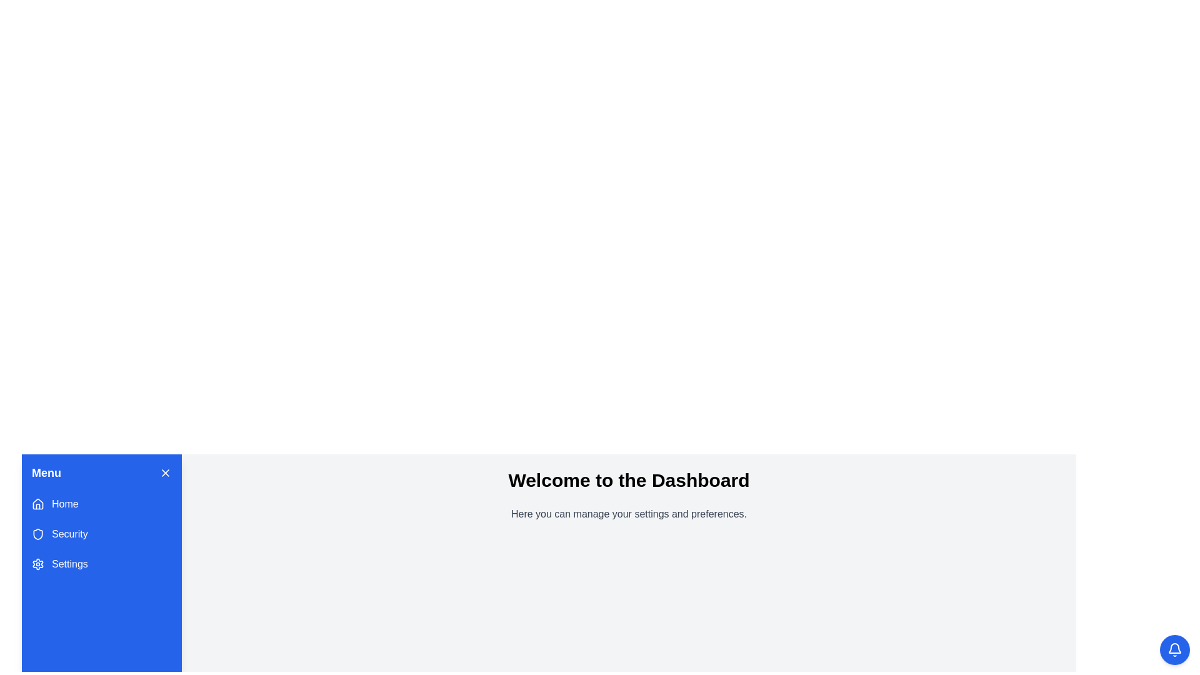 The height and width of the screenshot is (675, 1200). Describe the element at coordinates (629, 479) in the screenshot. I see `the prominent Text header that welcomes users to the dashboard, positioned at the top of the content section and centered horizontally` at that location.